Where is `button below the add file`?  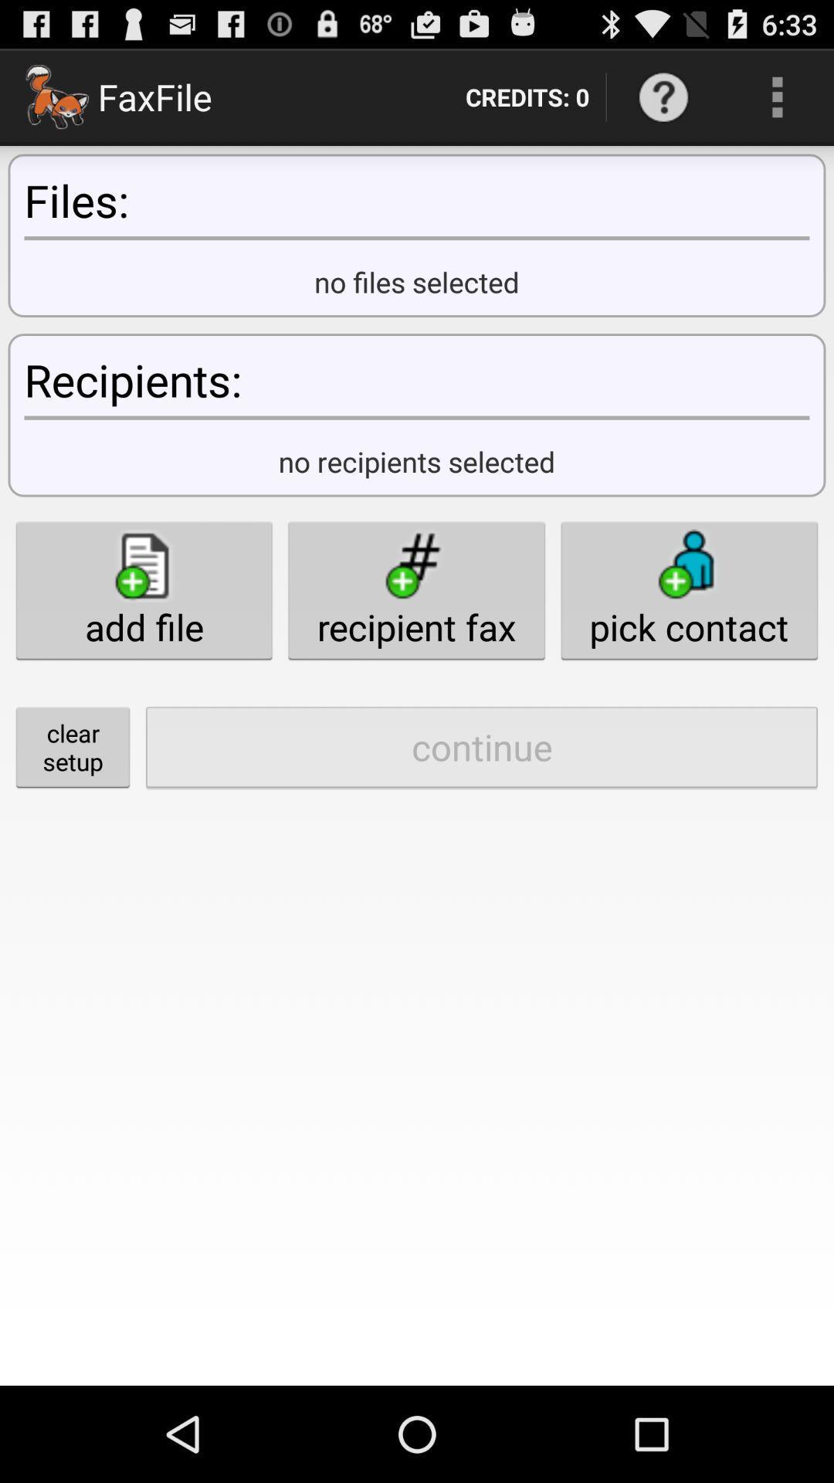 button below the add file is located at coordinates (73, 747).